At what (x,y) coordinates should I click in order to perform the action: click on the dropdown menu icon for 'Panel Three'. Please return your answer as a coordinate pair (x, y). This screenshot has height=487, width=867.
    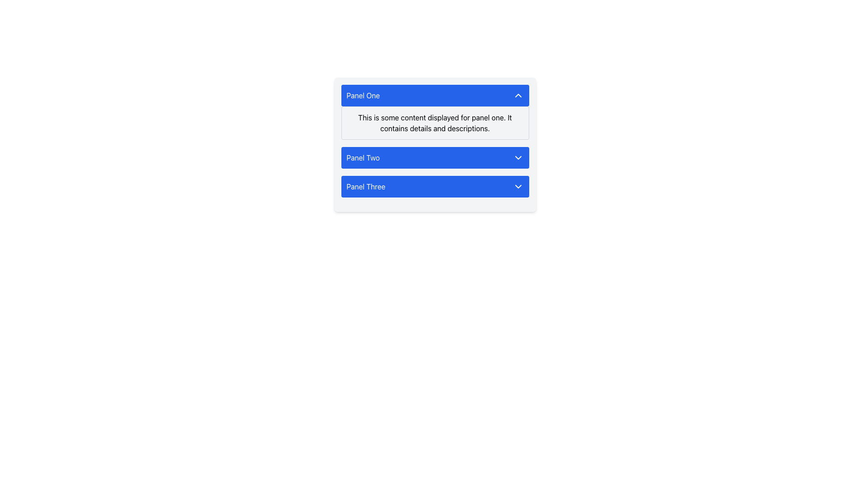
    Looking at the image, I should click on (518, 186).